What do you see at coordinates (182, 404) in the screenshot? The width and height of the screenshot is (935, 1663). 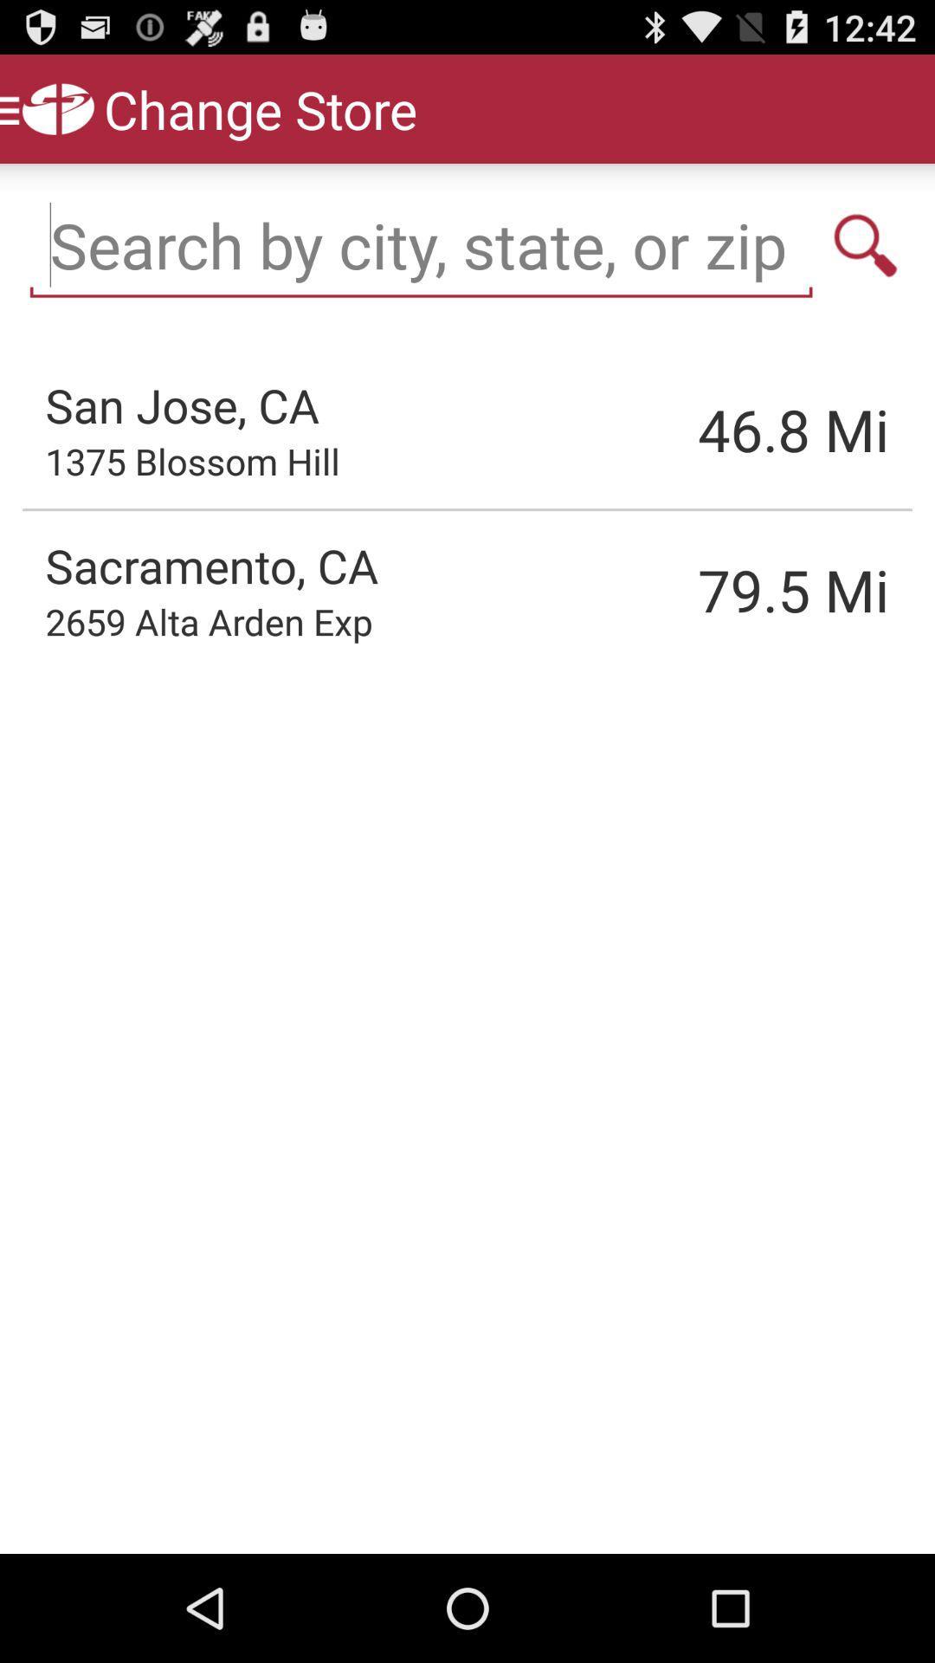 I see `the san jose, ca item` at bounding box center [182, 404].